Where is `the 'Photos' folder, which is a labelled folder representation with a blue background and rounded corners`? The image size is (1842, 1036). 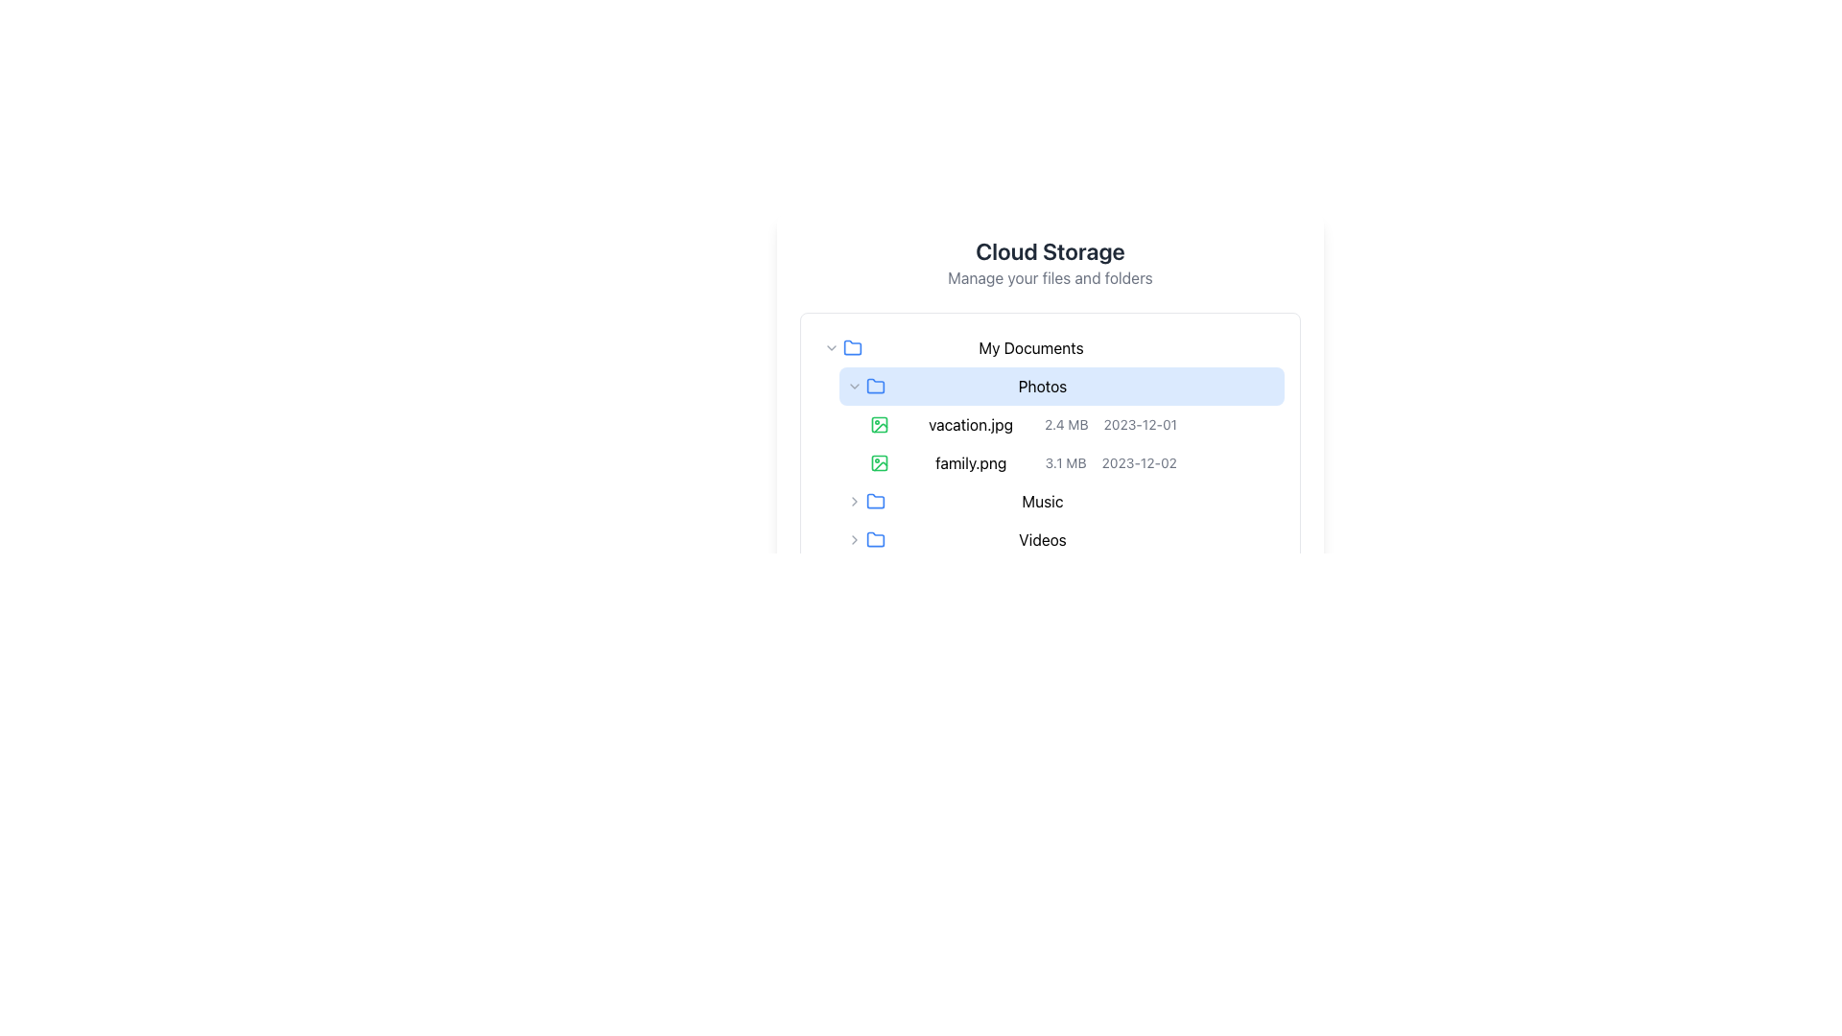
the 'Photos' folder, which is a labelled folder representation with a blue background and rounded corners is located at coordinates (1061, 386).